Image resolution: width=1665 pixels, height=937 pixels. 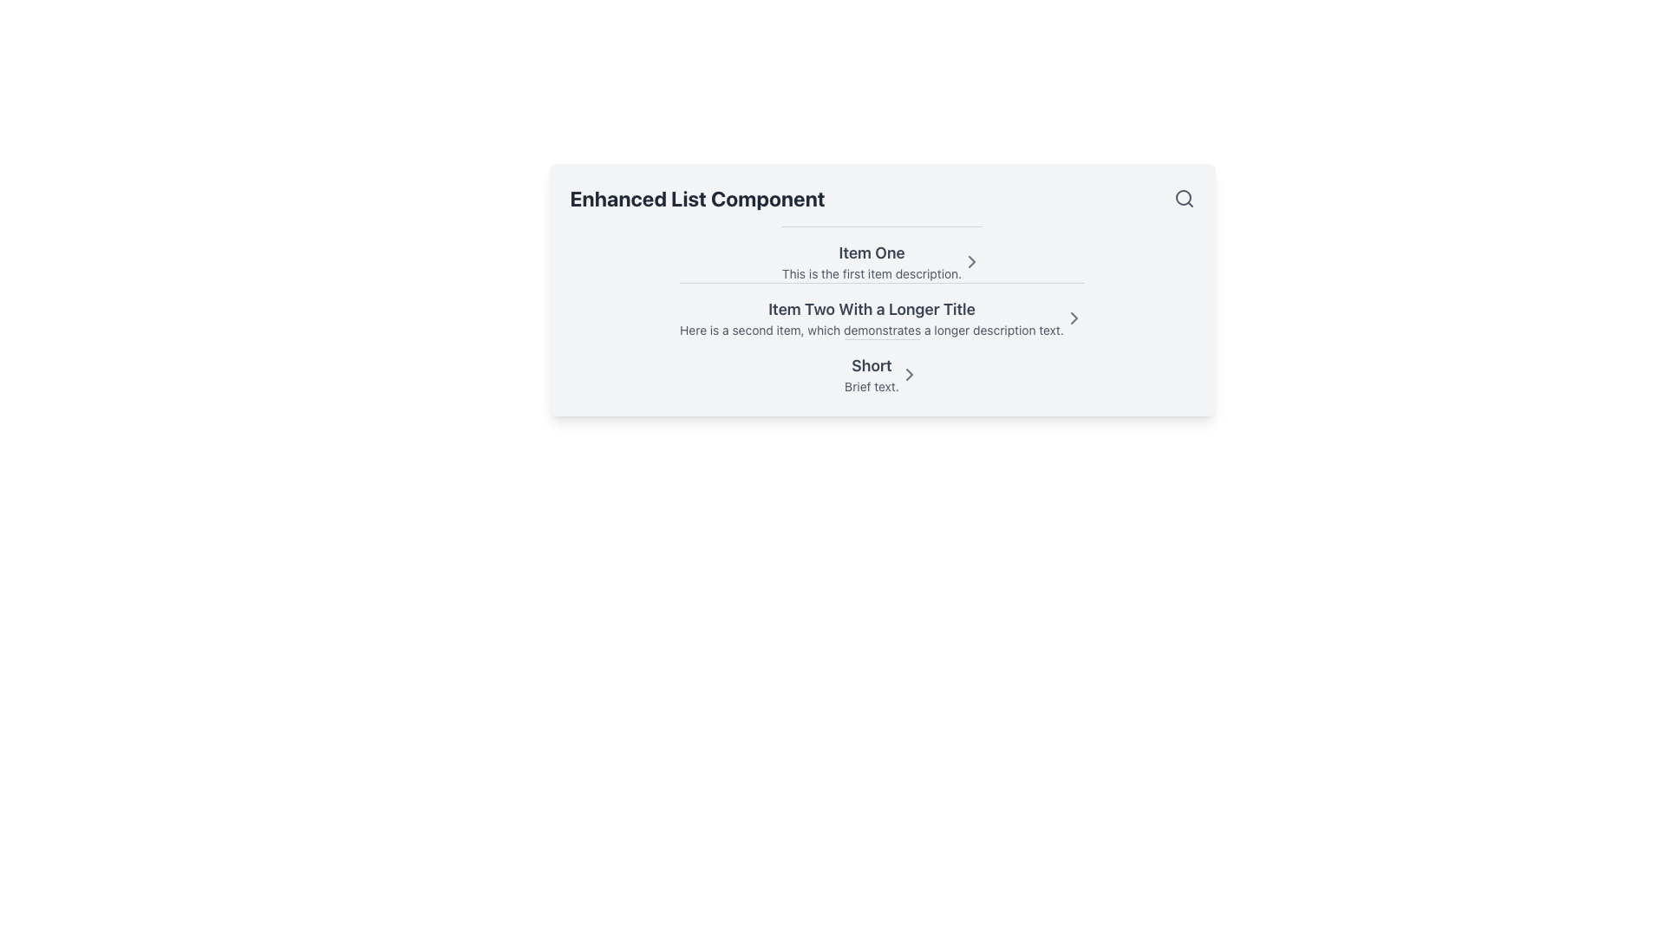 I want to click on the text label that displays 'Item One', which is styled with a larger font size, bold weight, and dark gray color, serving as the primary title above its description, so click(x=872, y=253).